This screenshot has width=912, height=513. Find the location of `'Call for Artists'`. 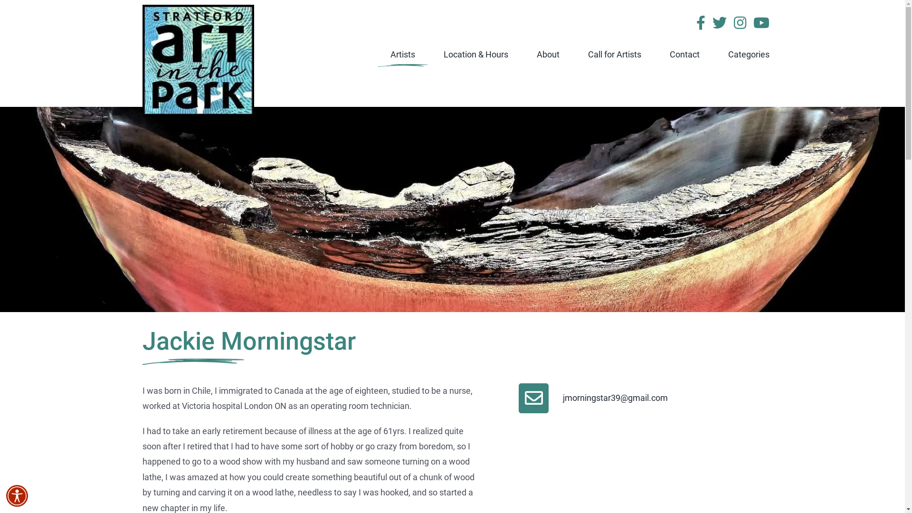

'Call for Artists' is located at coordinates (615, 54).